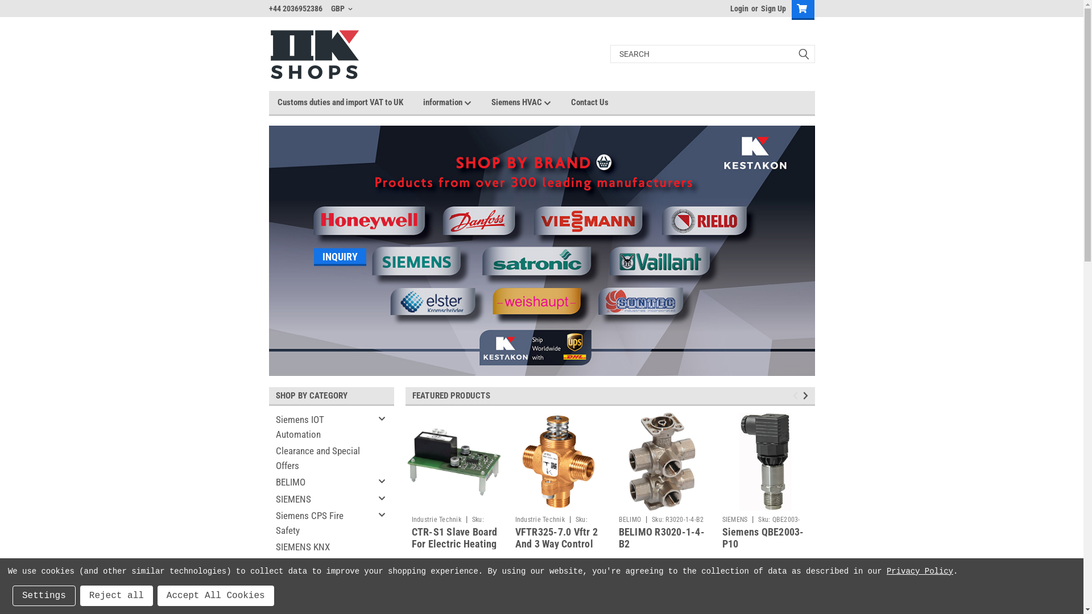 The image size is (1092, 614). I want to click on 'Next', so click(806, 395).